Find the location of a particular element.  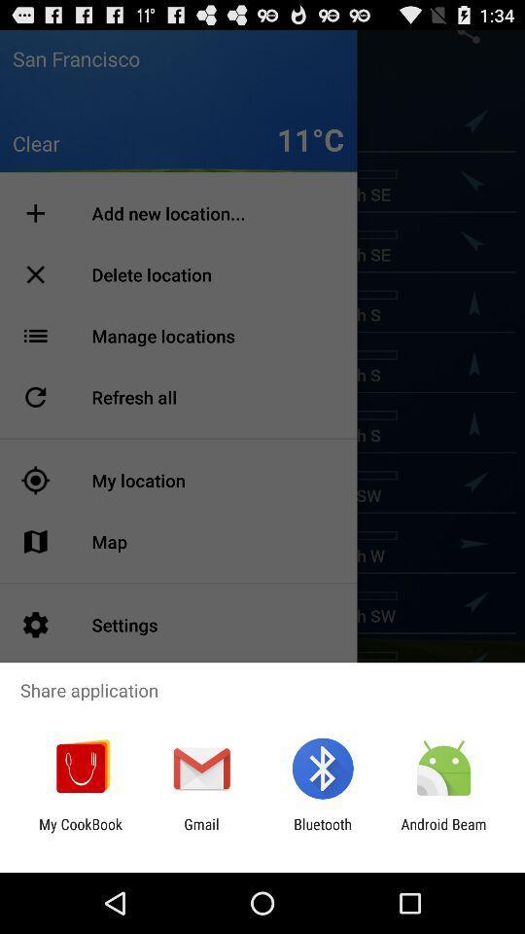

the android beam item is located at coordinates (443, 832).